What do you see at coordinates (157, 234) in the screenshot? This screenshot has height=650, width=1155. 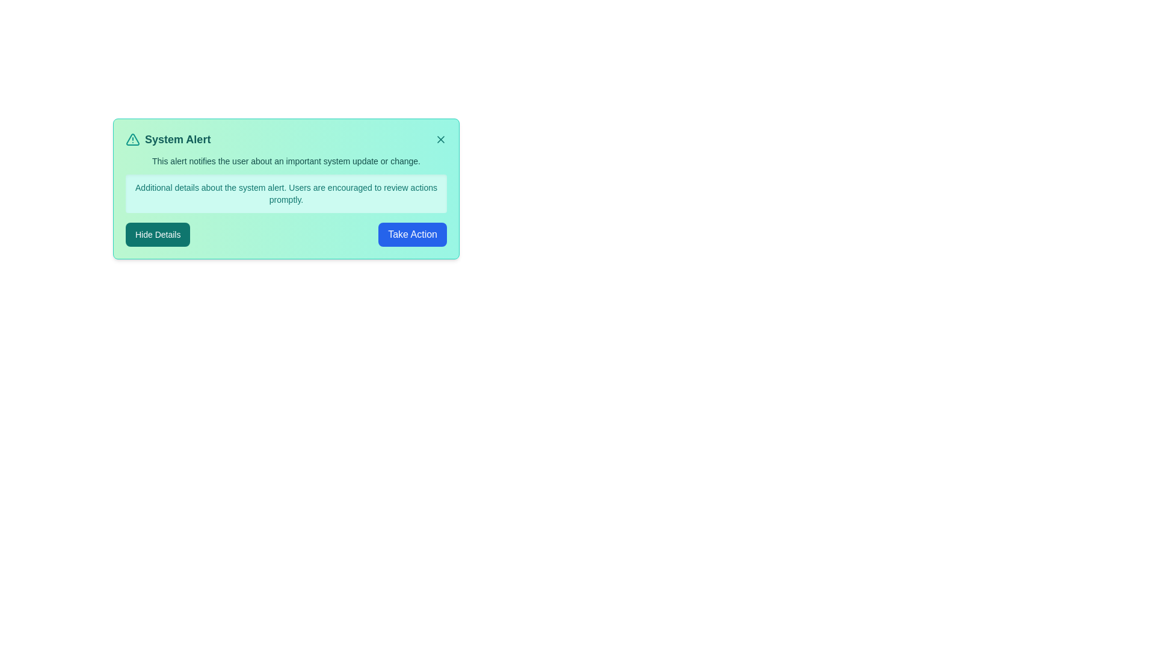 I see `the 'Hide Details' button to toggle the visibility of additional details` at bounding box center [157, 234].